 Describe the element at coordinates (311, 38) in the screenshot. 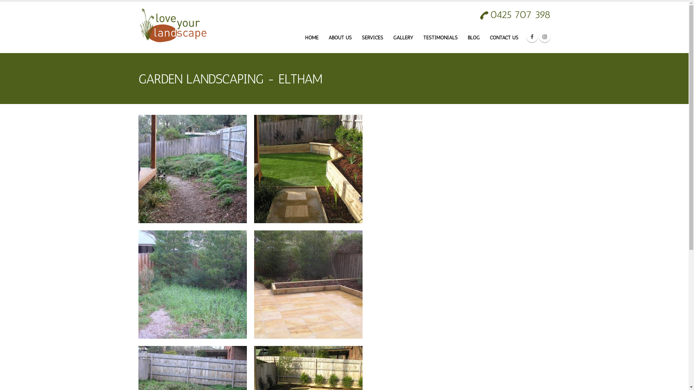

I see `'HOME'` at that location.